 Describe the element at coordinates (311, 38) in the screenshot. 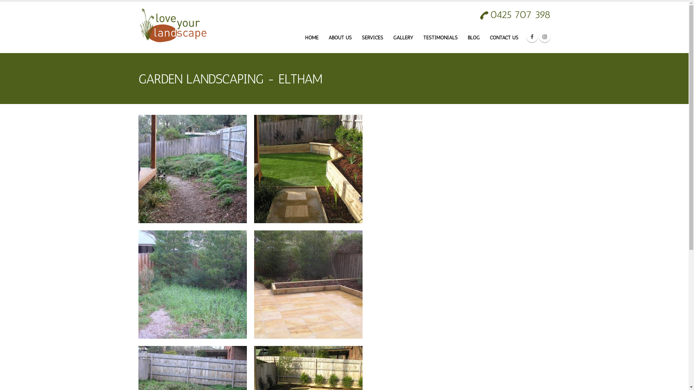

I see `'HOME'` at that location.